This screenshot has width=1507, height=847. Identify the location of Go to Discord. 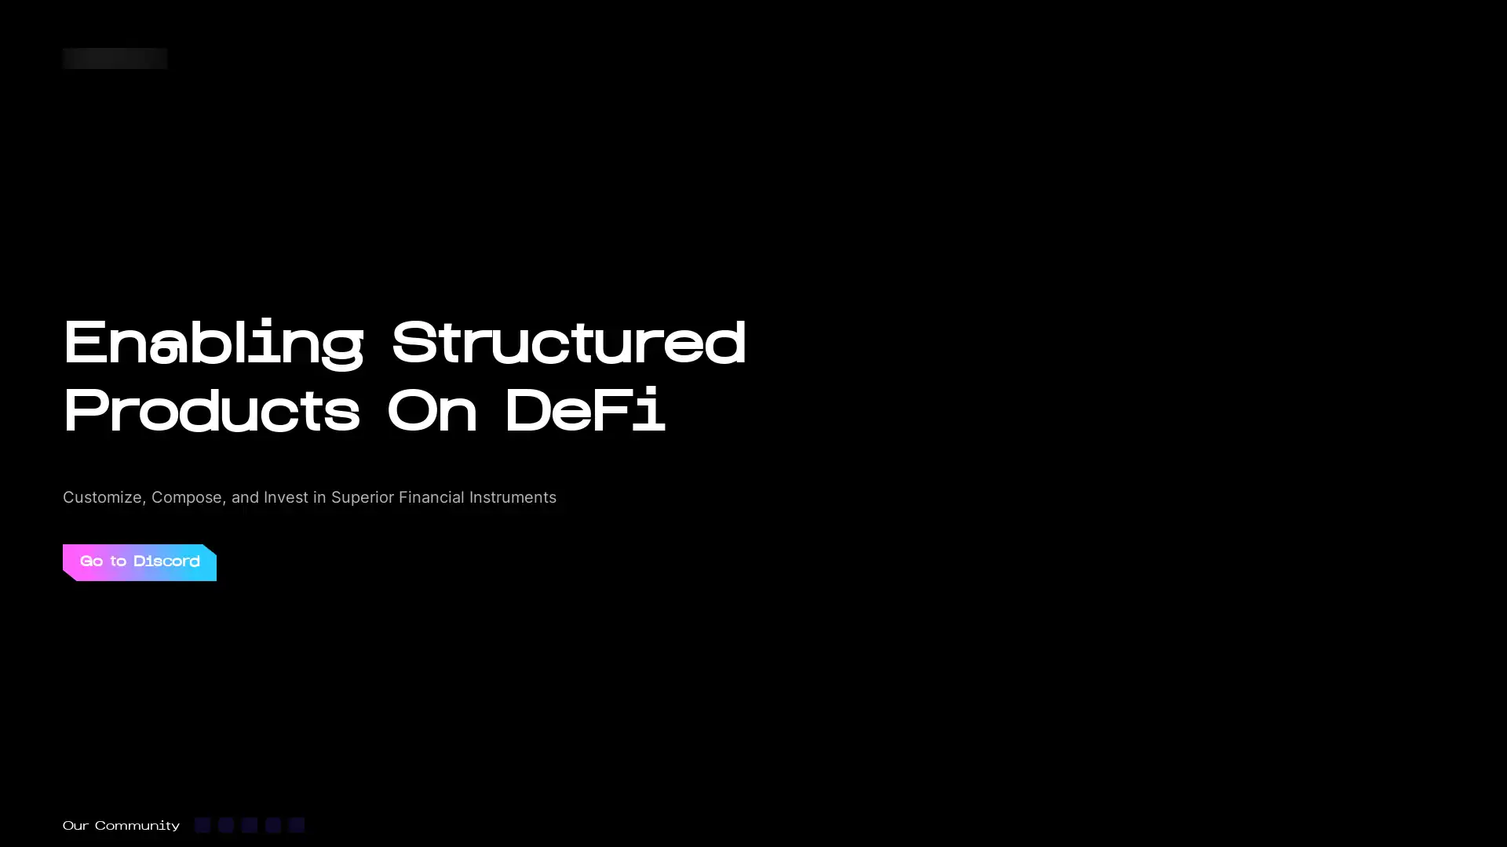
(139, 561).